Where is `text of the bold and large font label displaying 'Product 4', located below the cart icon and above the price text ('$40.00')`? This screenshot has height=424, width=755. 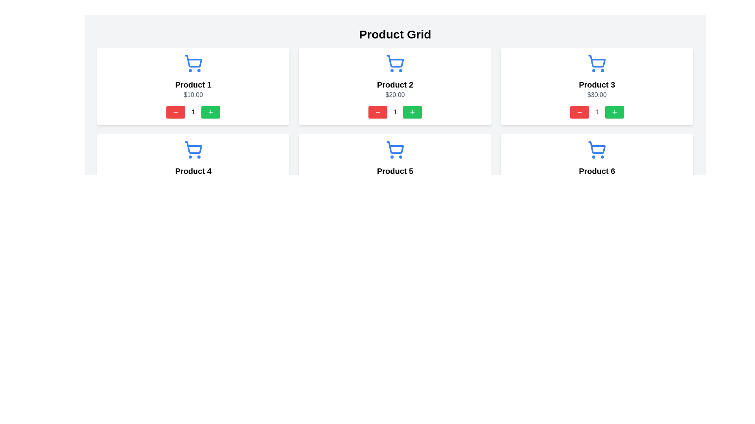
text of the bold and large font label displaying 'Product 4', located below the cart icon and above the price text ('$40.00') is located at coordinates (193, 170).